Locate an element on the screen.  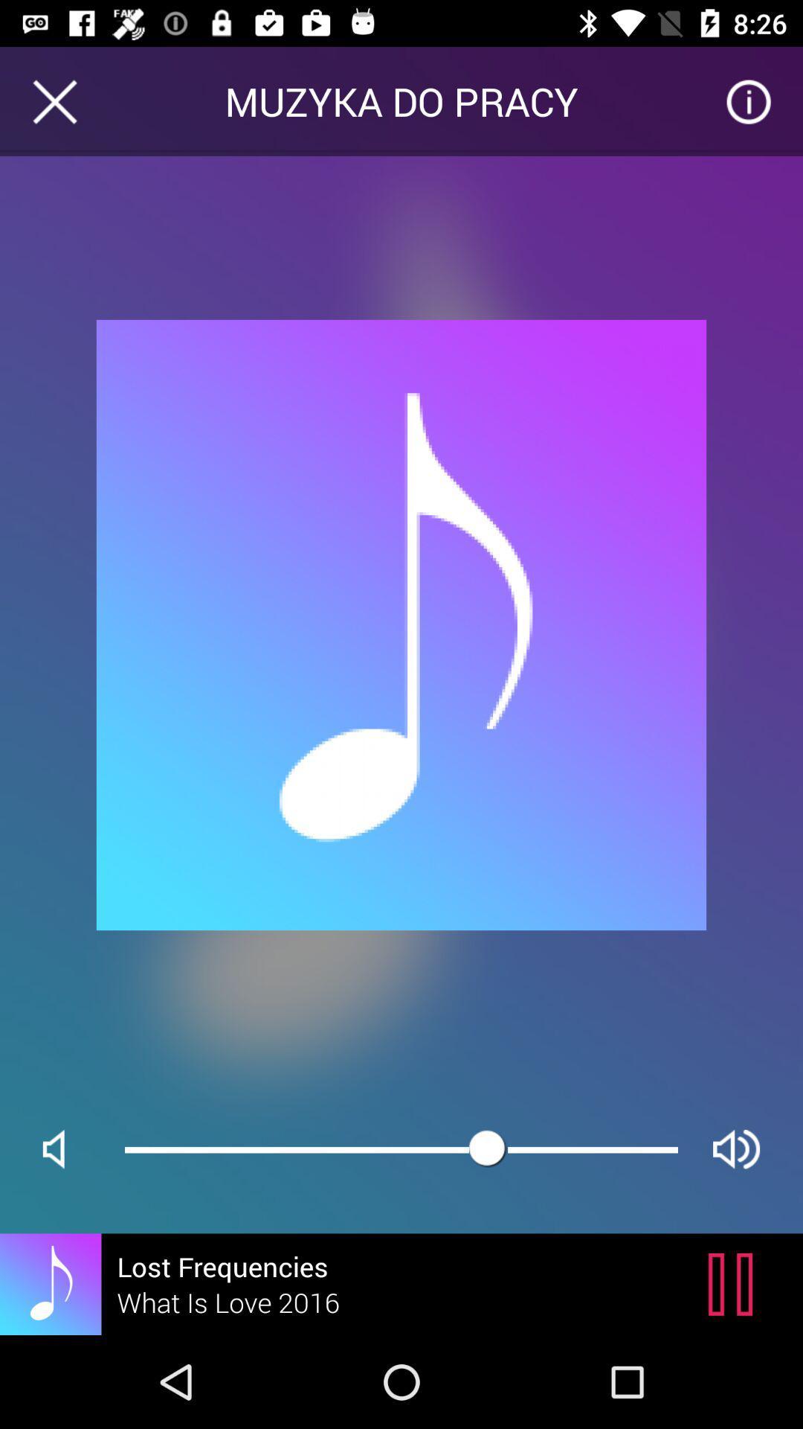
the volume icon is located at coordinates (65, 1148).